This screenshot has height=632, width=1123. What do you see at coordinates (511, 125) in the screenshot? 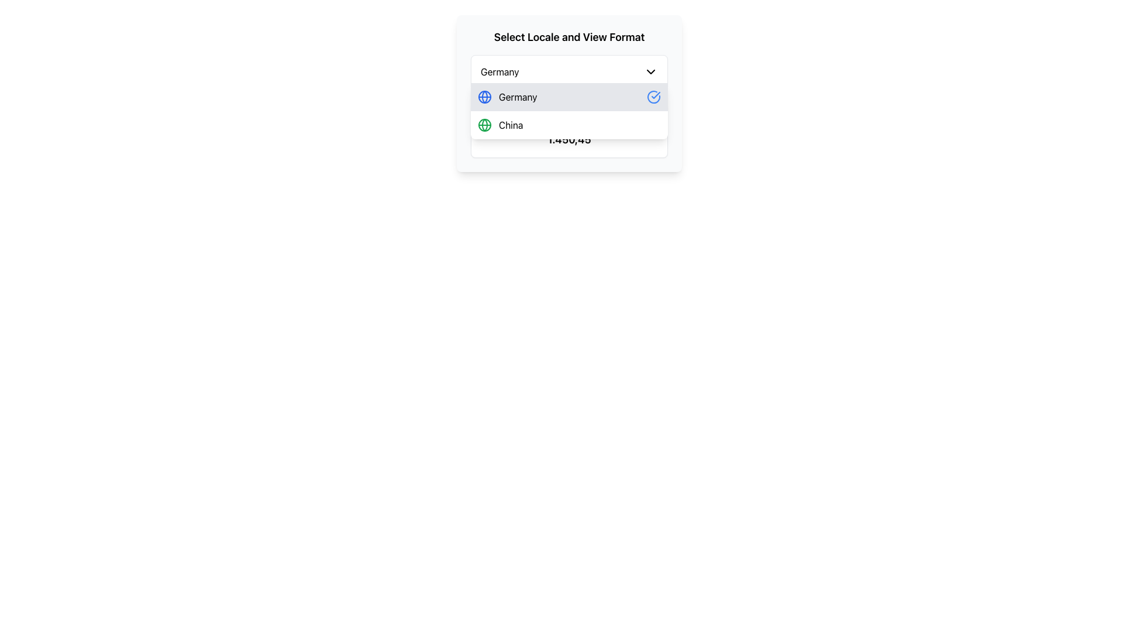
I see `the 'China' option in the dropdown menu, which is the second entry below 'Germany' and has a globe icon to its left` at bounding box center [511, 125].